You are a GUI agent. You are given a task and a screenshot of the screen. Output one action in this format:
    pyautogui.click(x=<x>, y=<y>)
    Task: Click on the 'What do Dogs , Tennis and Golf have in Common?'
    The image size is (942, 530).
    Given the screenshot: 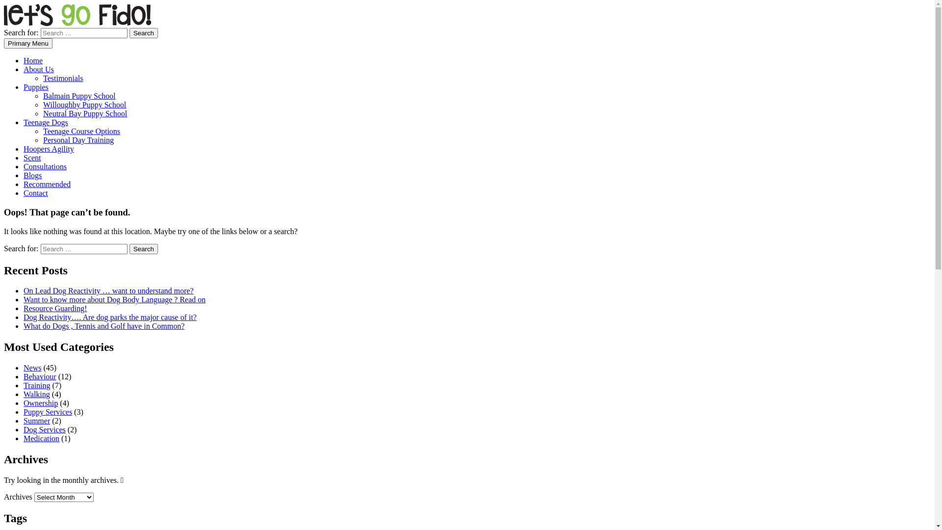 What is the action you would take?
    pyautogui.click(x=104, y=326)
    